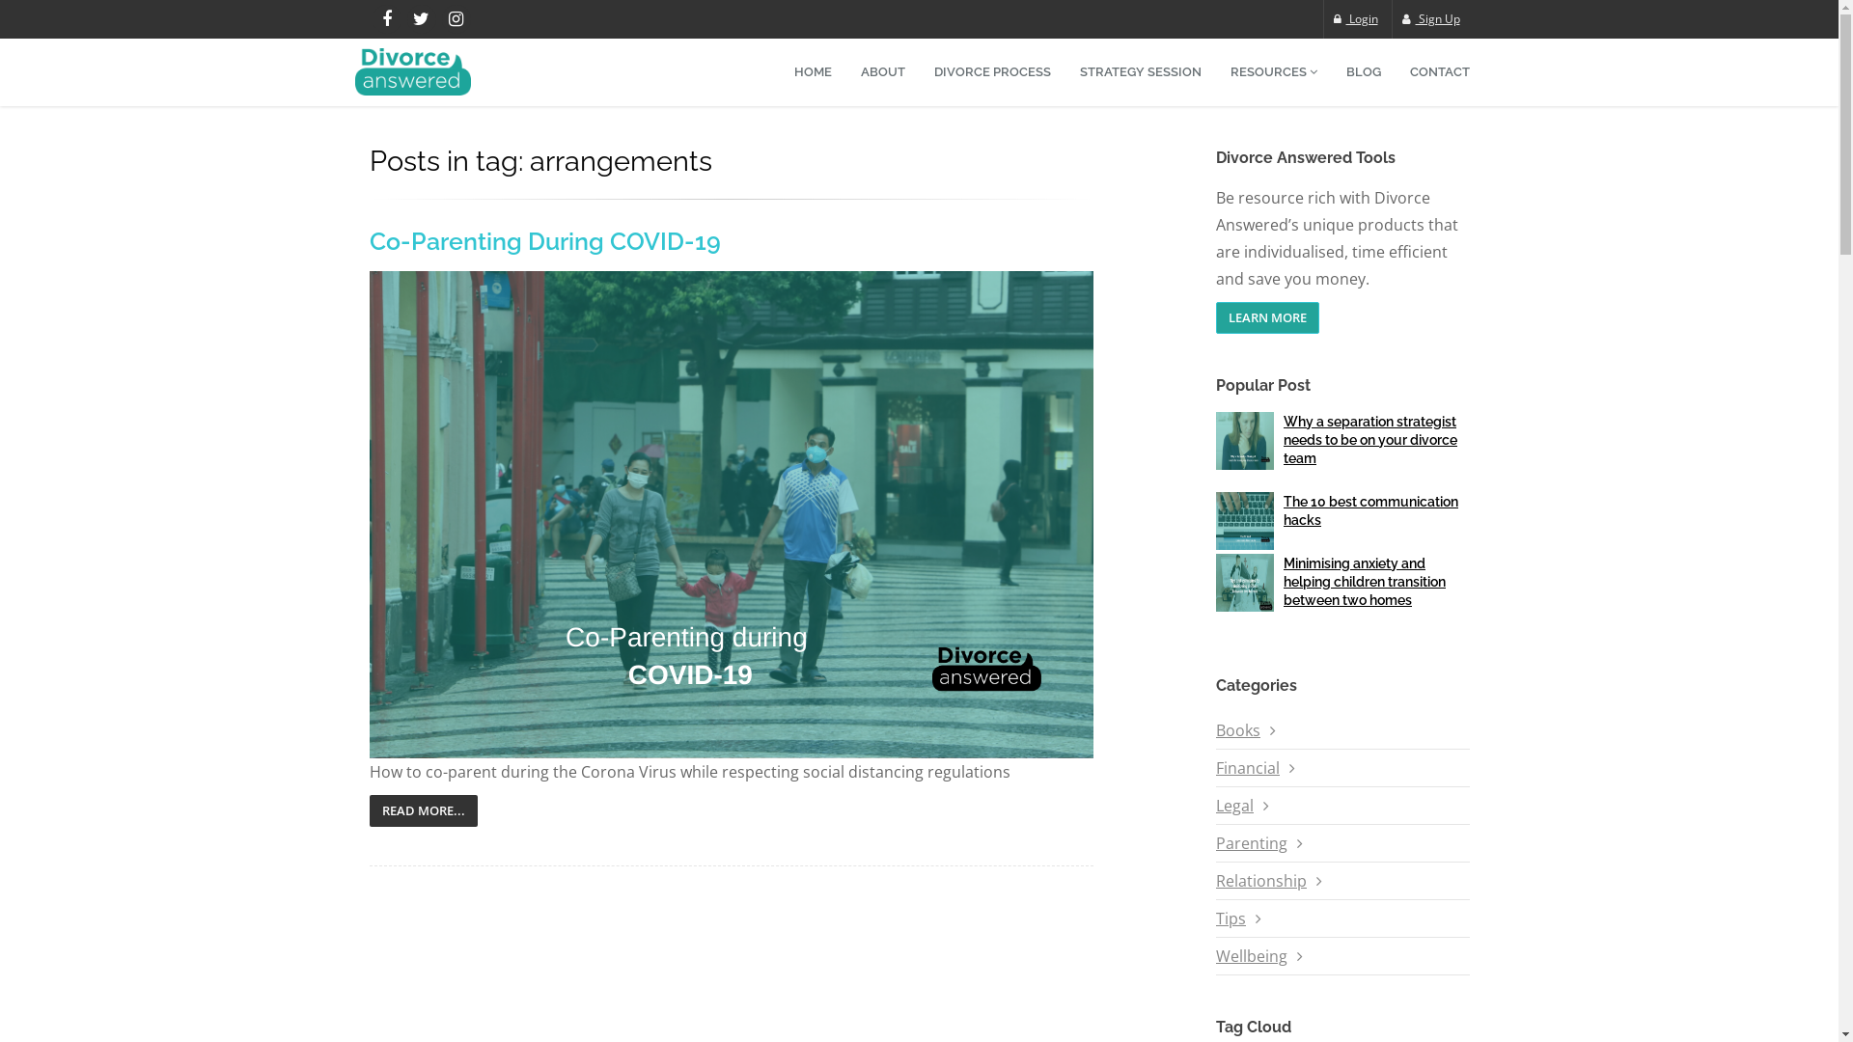 This screenshot has height=1042, width=1853. Describe the element at coordinates (421, 810) in the screenshot. I see `'READ MORE...'` at that location.